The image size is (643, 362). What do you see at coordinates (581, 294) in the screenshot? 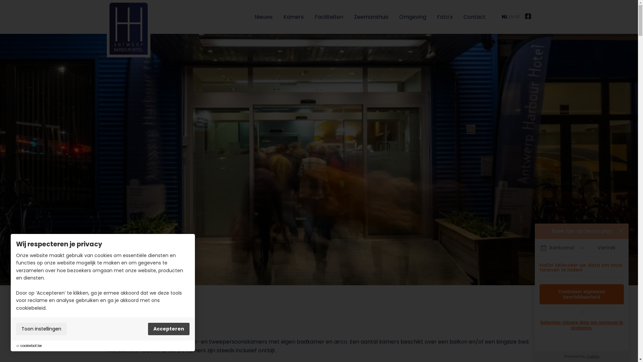
I see `'Controleer algemene beschikbaarheid'` at bounding box center [581, 294].